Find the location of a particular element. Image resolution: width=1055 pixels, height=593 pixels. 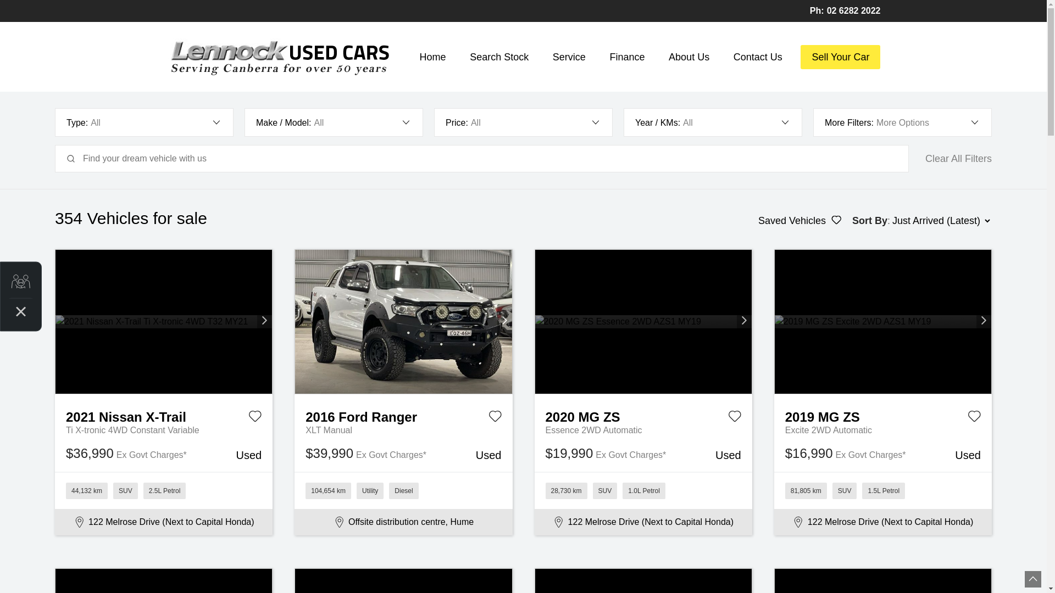

'2019 MG ZS Excite 2WD AZS1 MY19' is located at coordinates (883, 321).